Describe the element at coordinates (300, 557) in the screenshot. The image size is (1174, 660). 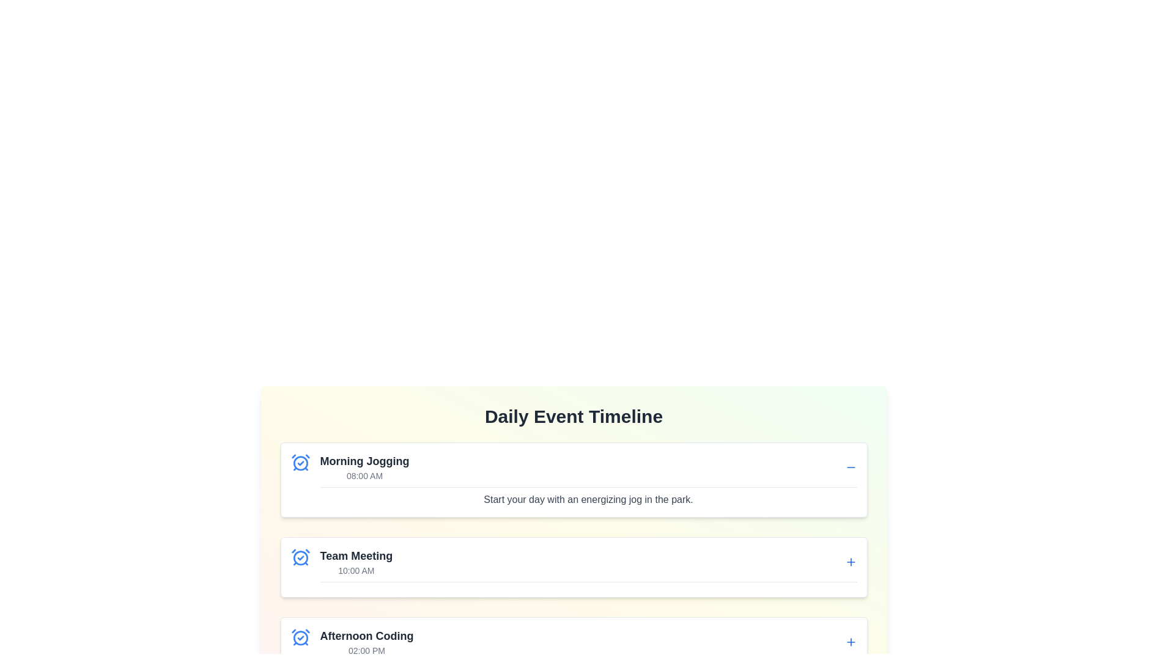
I see `the alarm icon associated with the 'Team Meeting' event at 10:00 AM, located at the top-left corner of the event card` at that location.